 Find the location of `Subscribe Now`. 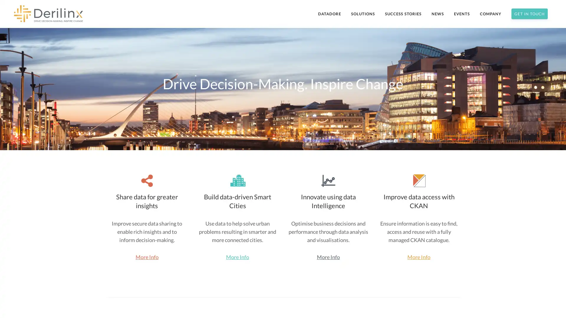

Subscribe Now is located at coordinates (504, 306).